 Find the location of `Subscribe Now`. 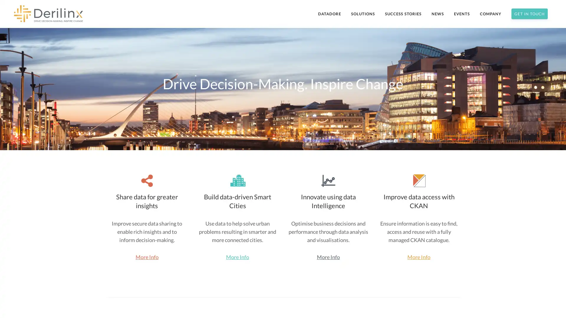

Subscribe Now is located at coordinates (504, 306).